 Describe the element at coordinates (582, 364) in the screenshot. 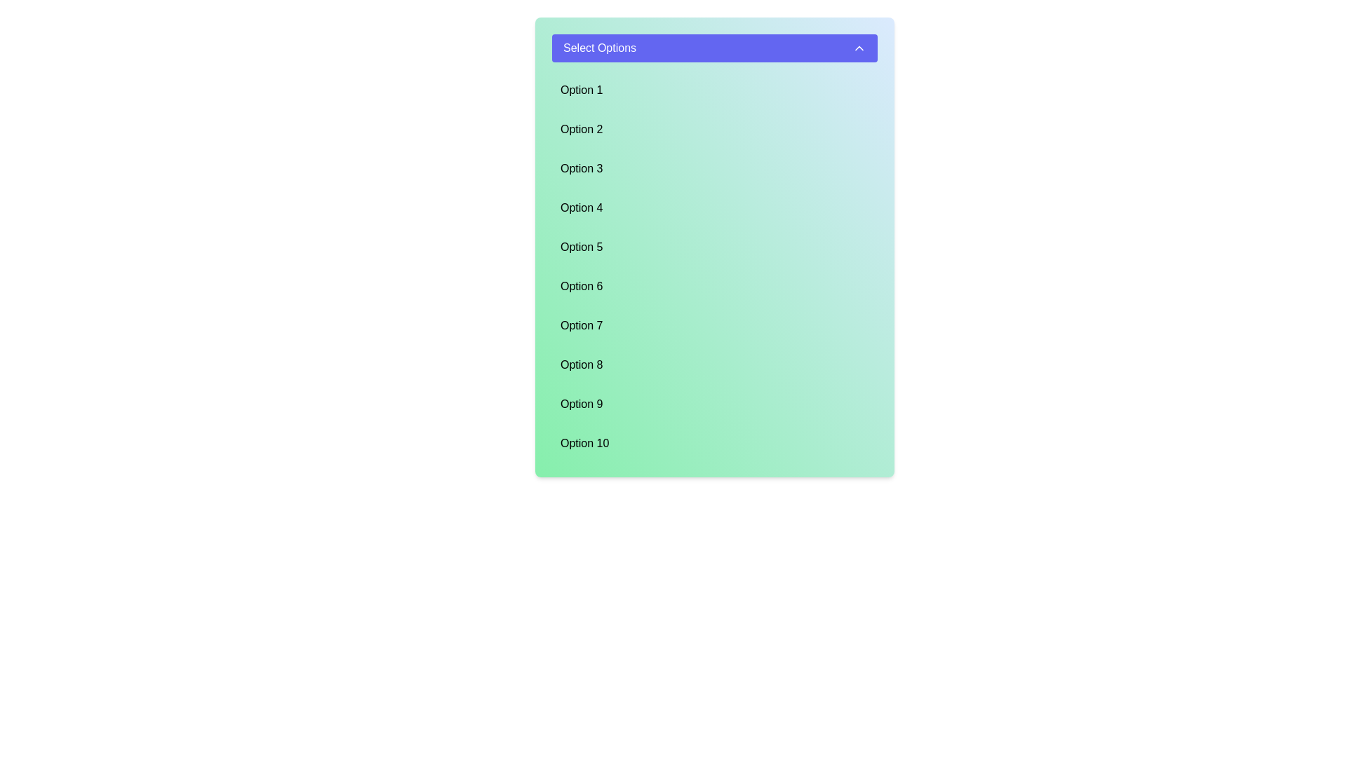

I see `the text label that displays 'Option 8', which is the eighth option in a vertical list of ten items, positioned slightly above the center of the list` at that location.